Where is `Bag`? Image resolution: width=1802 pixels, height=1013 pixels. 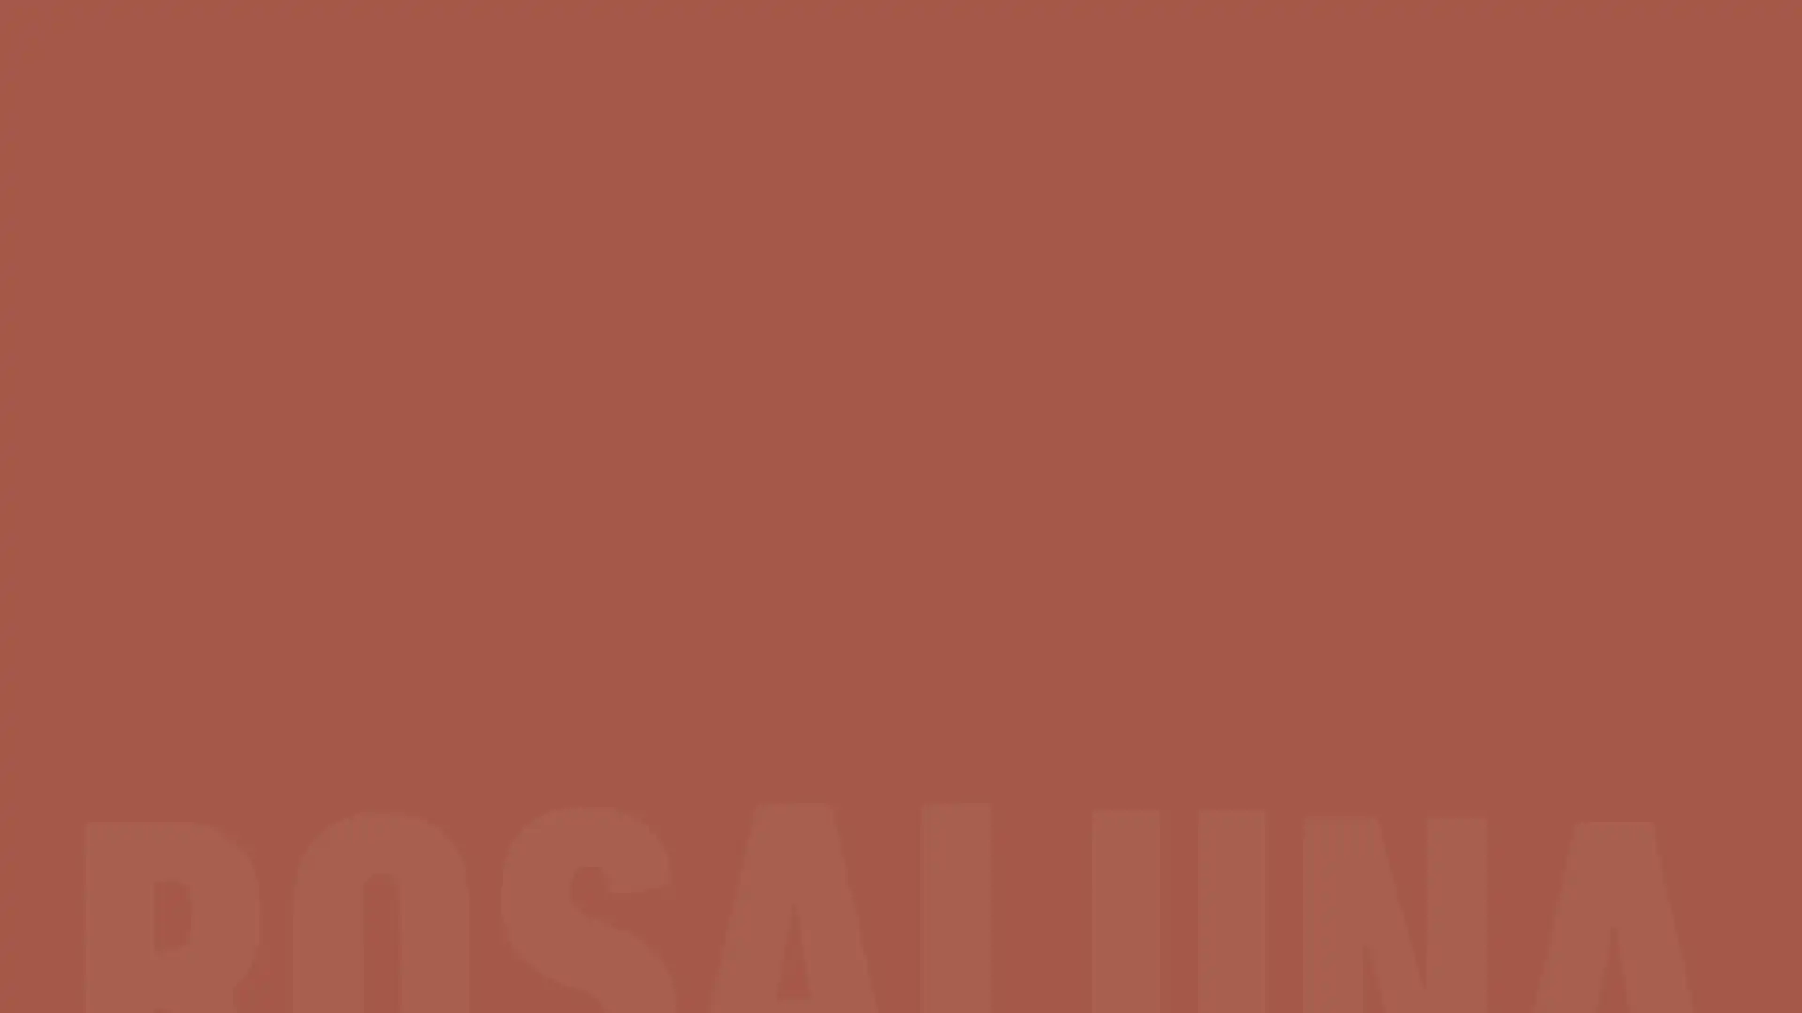
Bag is located at coordinates (1729, 67).